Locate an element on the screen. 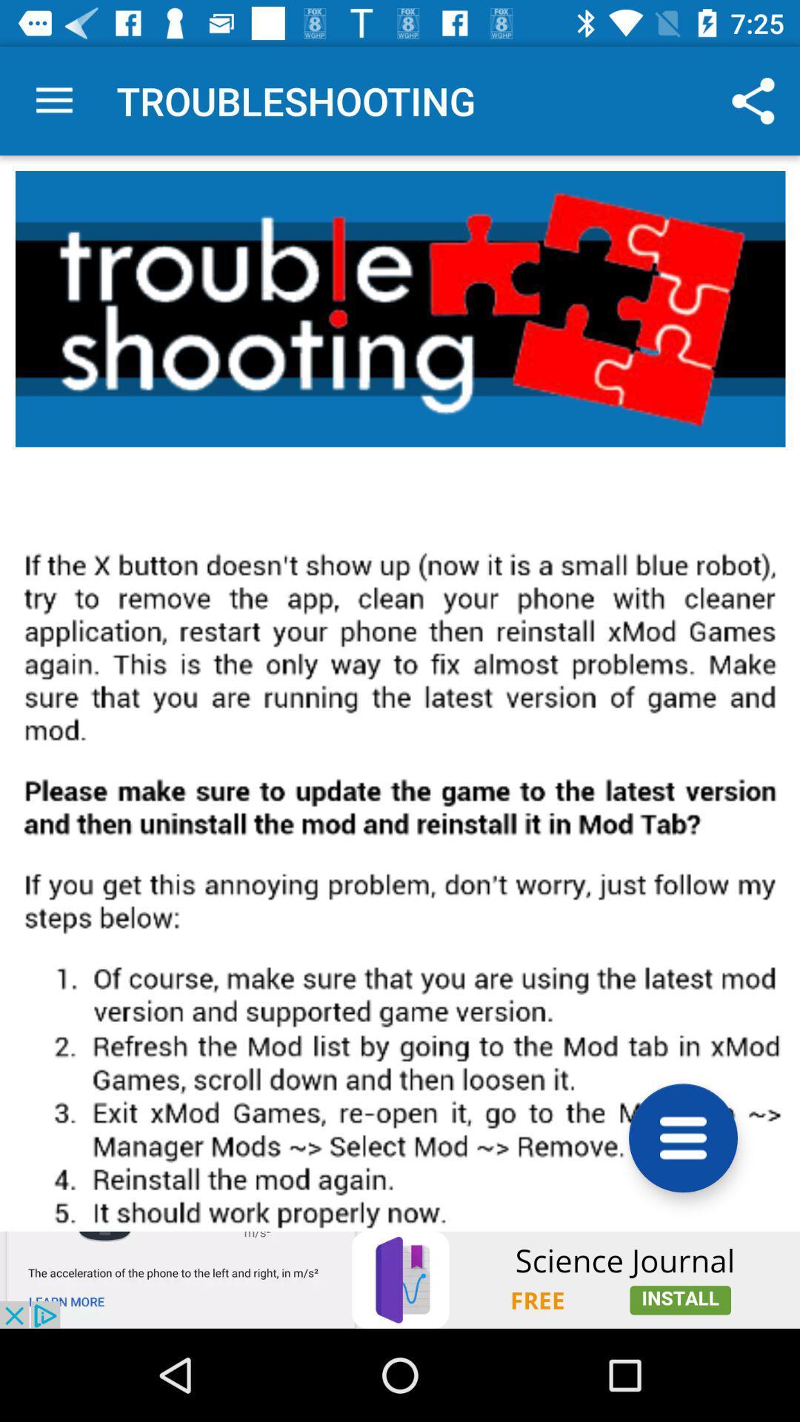  install app is located at coordinates (400, 1279).